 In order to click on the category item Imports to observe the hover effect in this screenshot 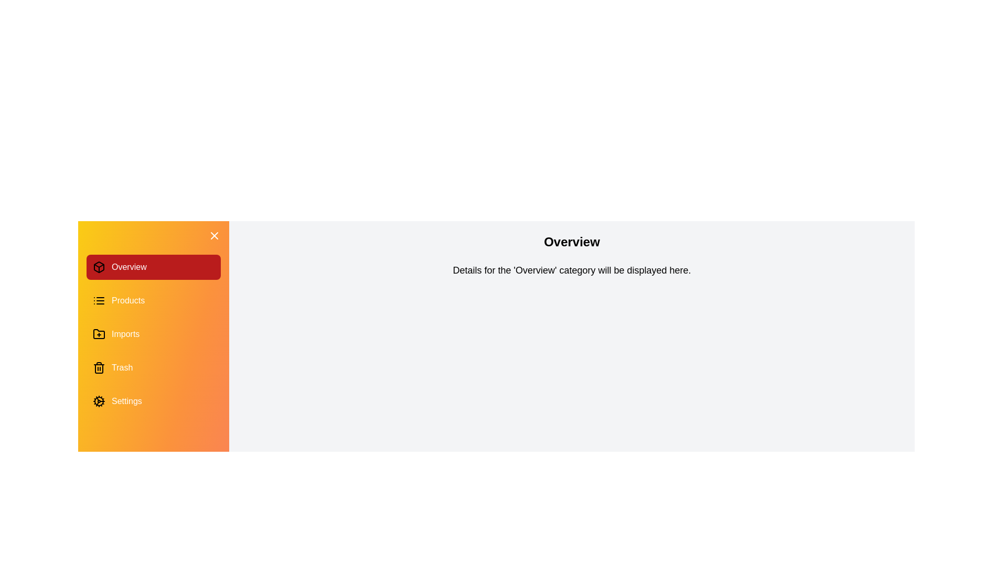, I will do `click(153, 334)`.